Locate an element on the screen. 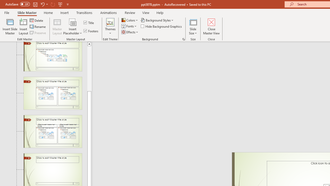  'Content' is located at coordinates (72, 22).